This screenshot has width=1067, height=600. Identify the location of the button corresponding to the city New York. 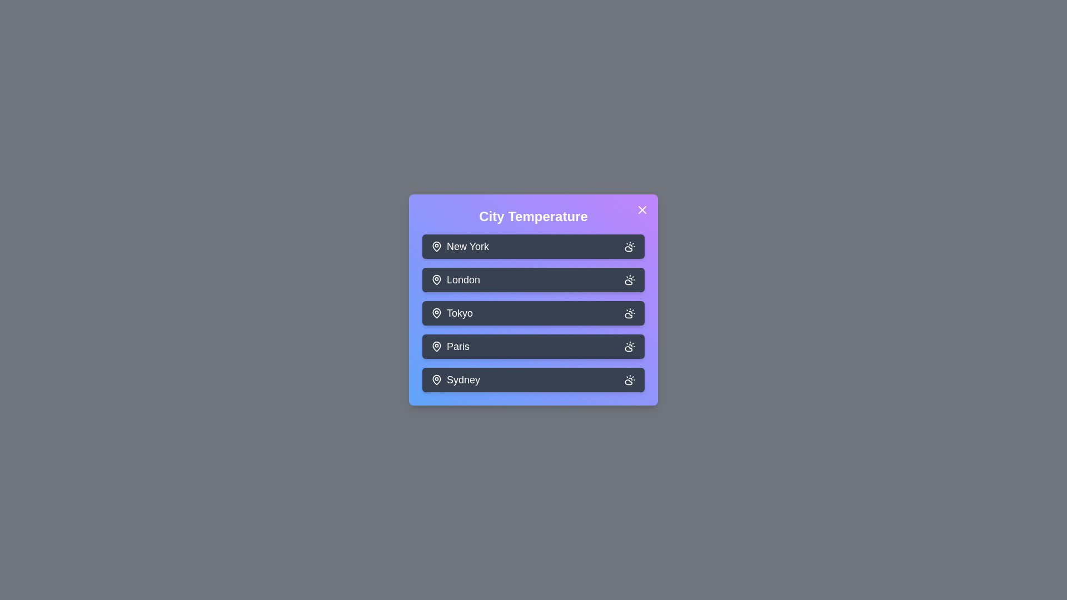
(533, 246).